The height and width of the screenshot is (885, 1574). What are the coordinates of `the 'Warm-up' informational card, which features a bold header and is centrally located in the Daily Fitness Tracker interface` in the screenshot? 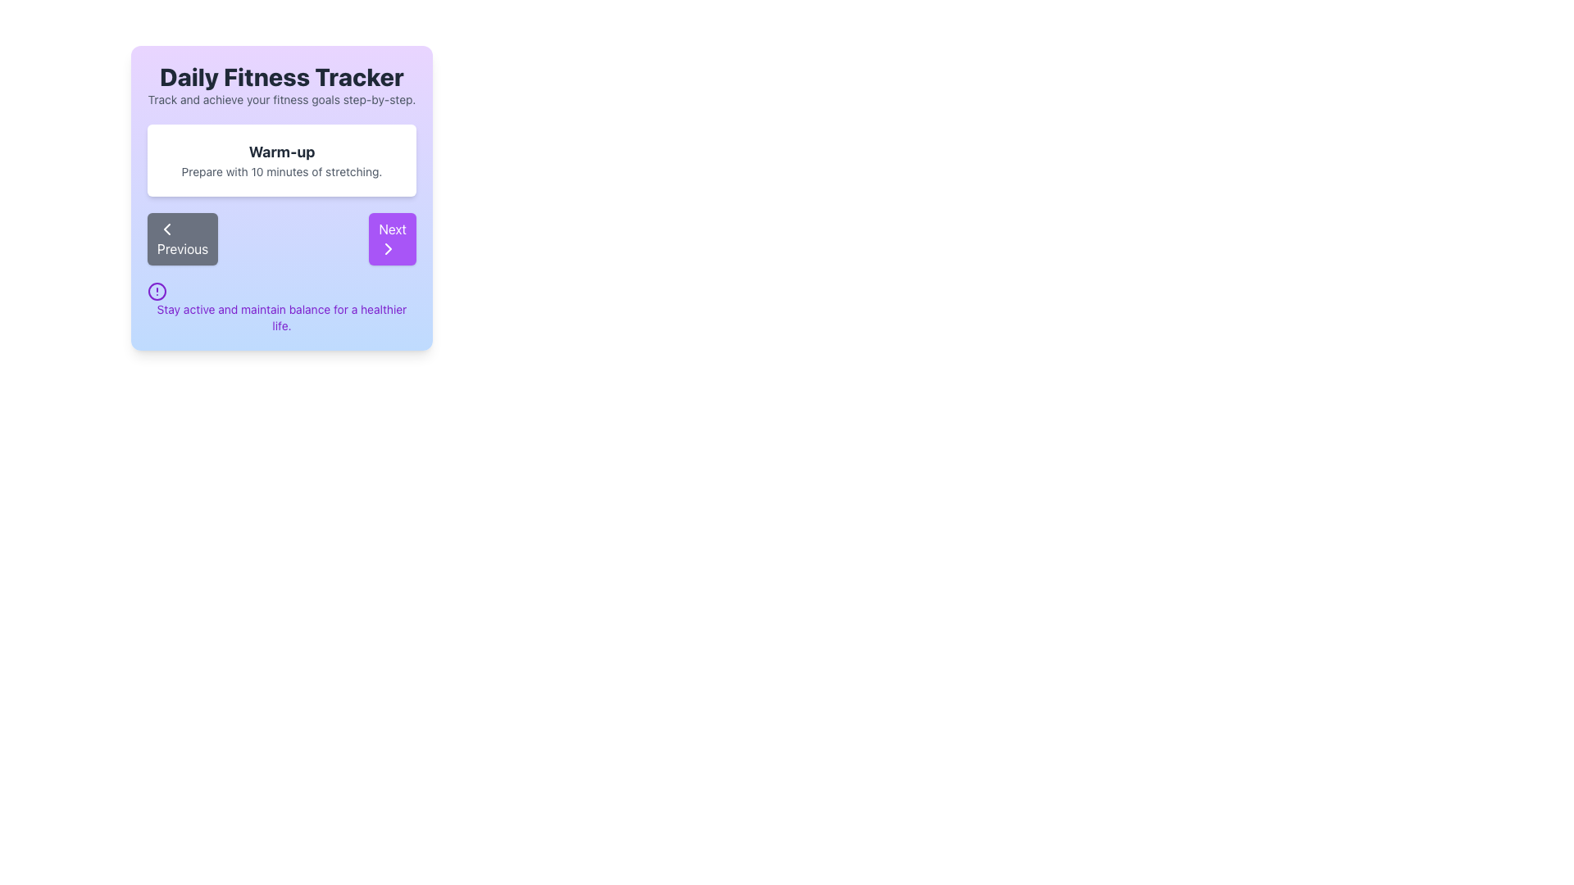 It's located at (282, 161).